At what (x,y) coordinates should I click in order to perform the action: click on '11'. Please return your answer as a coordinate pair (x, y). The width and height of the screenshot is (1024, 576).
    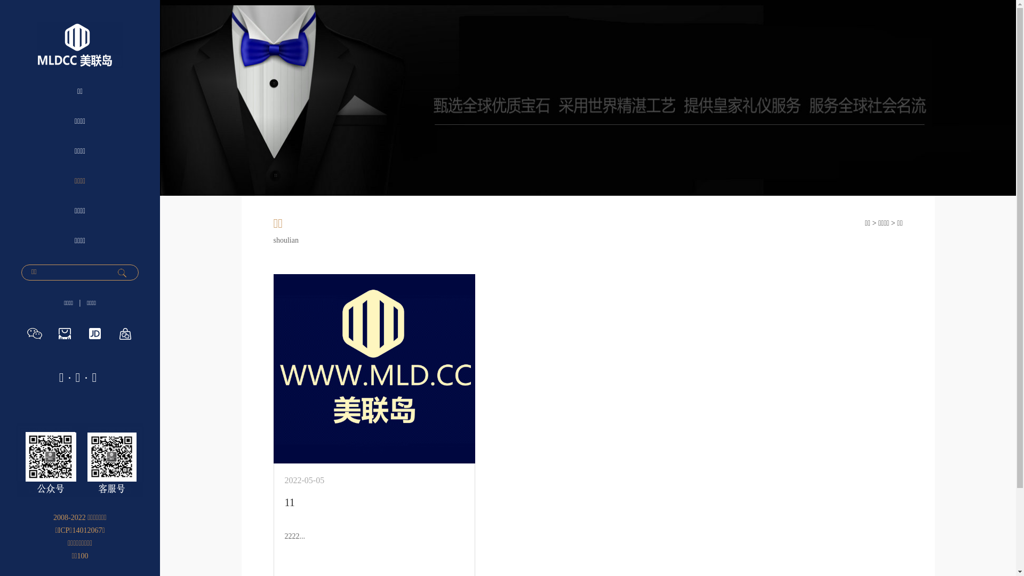
    Looking at the image, I should click on (290, 502).